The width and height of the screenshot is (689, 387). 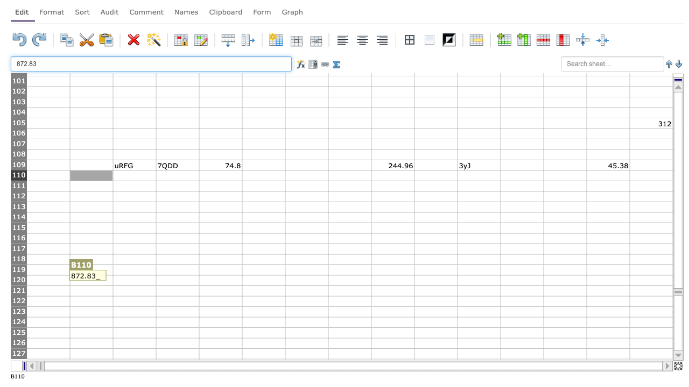 What do you see at coordinates (177, 279) in the screenshot?
I see `cell at column D row 120` at bounding box center [177, 279].